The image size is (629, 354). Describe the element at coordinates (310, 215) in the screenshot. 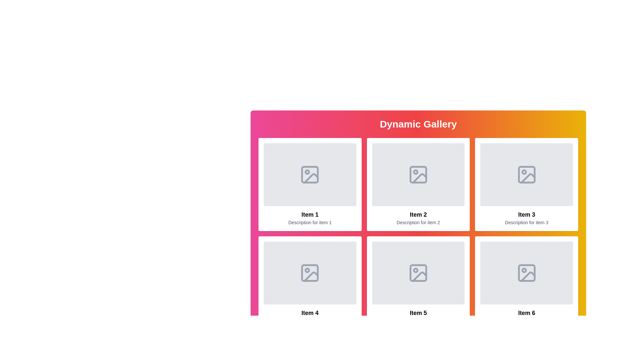

I see `the label 'Item 1'` at that location.